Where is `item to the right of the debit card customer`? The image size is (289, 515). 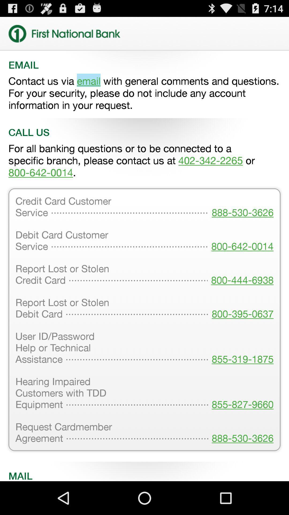
item to the right of the debit card customer is located at coordinates (240, 275).